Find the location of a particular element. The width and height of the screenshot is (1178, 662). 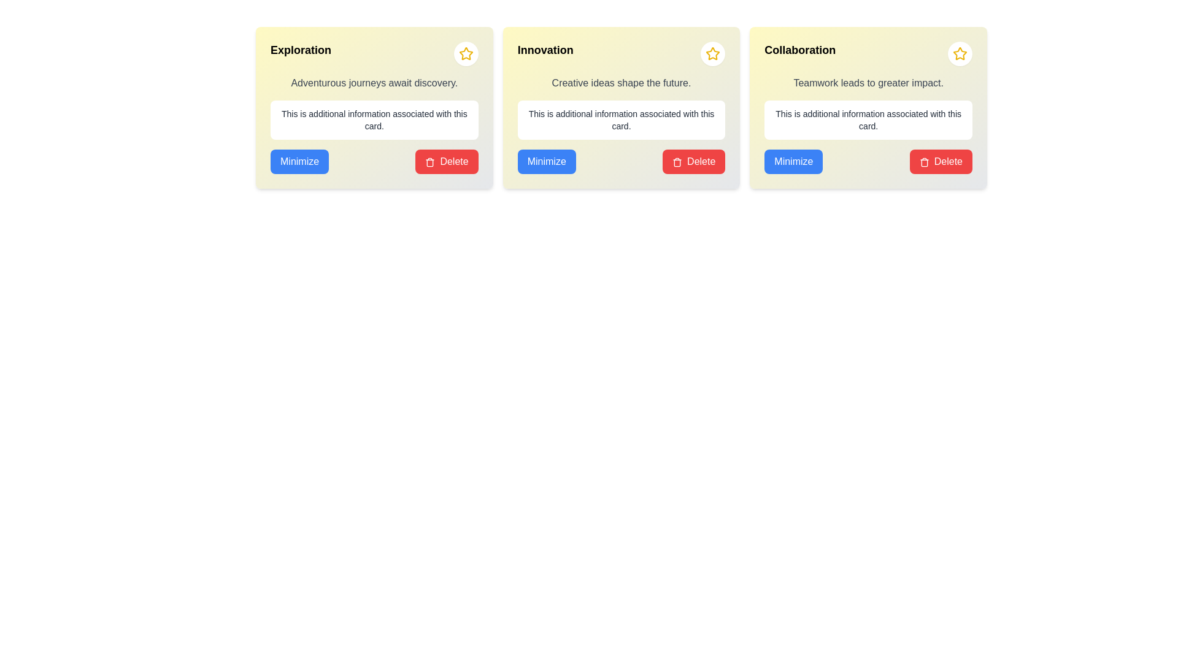

the delete icon within the red 'Delete' button at the bottom right of the 'Collaboration' card is located at coordinates (924, 161).